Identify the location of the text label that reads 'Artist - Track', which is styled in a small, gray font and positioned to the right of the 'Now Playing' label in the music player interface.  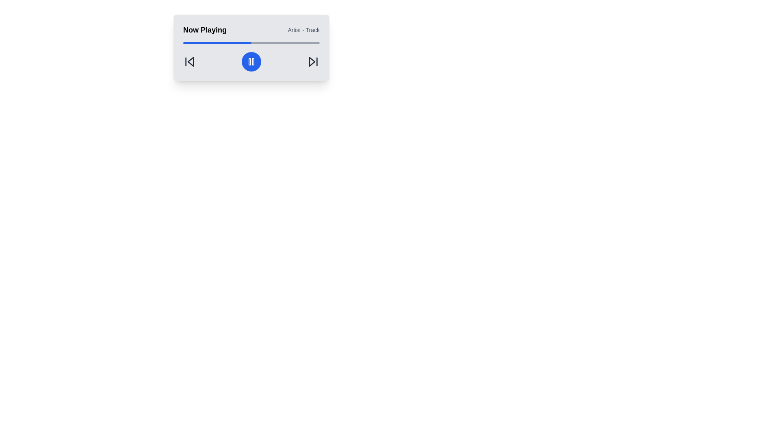
(303, 29).